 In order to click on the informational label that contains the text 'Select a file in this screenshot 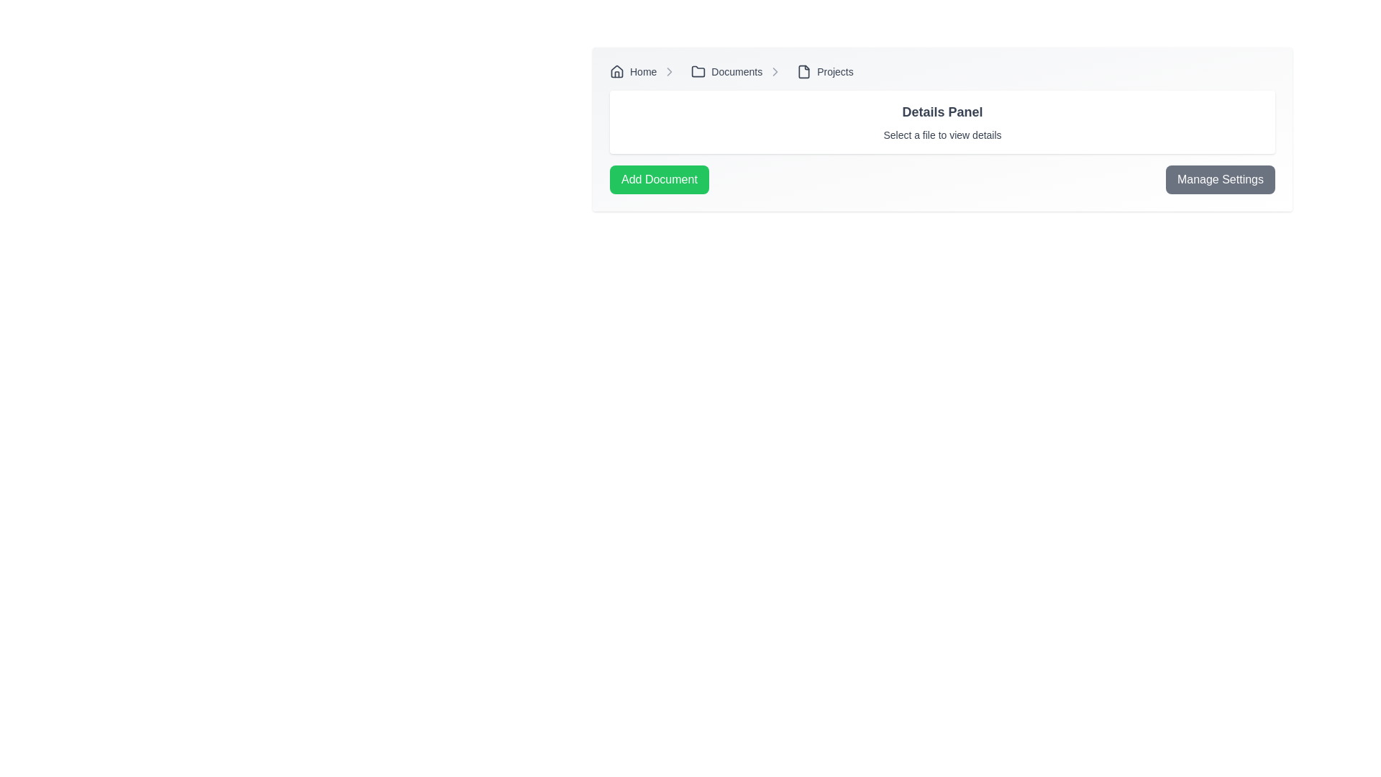, I will do `click(942, 135)`.